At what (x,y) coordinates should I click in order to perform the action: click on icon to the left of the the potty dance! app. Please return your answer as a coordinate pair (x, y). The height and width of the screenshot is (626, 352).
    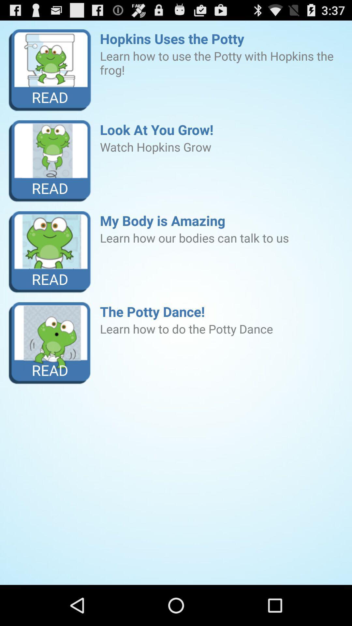
    Looking at the image, I should click on (50, 343).